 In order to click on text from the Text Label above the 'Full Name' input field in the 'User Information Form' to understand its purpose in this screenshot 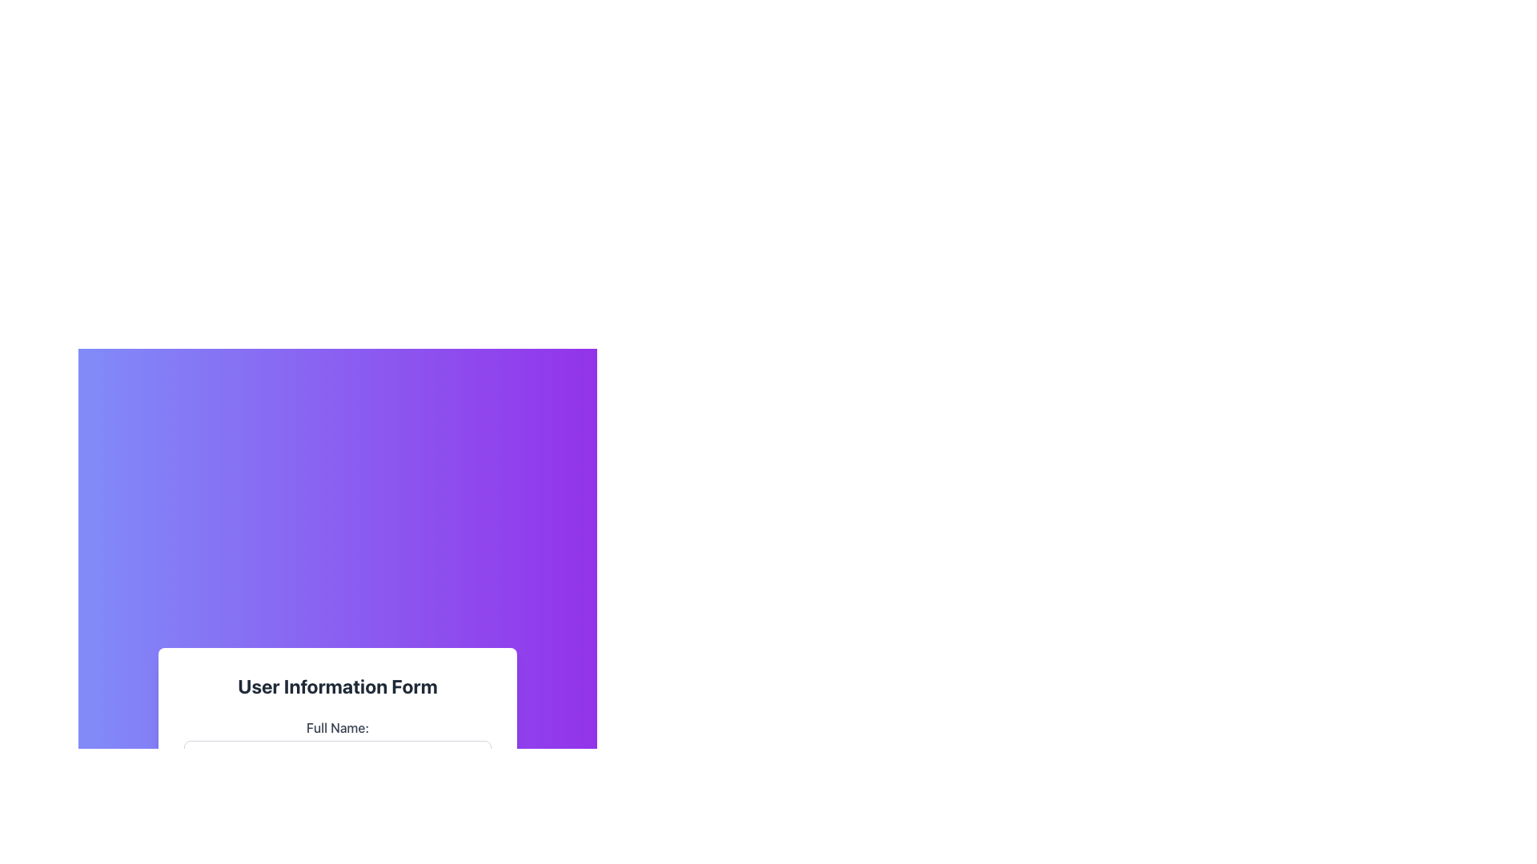, I will do `click(337, 728)`.